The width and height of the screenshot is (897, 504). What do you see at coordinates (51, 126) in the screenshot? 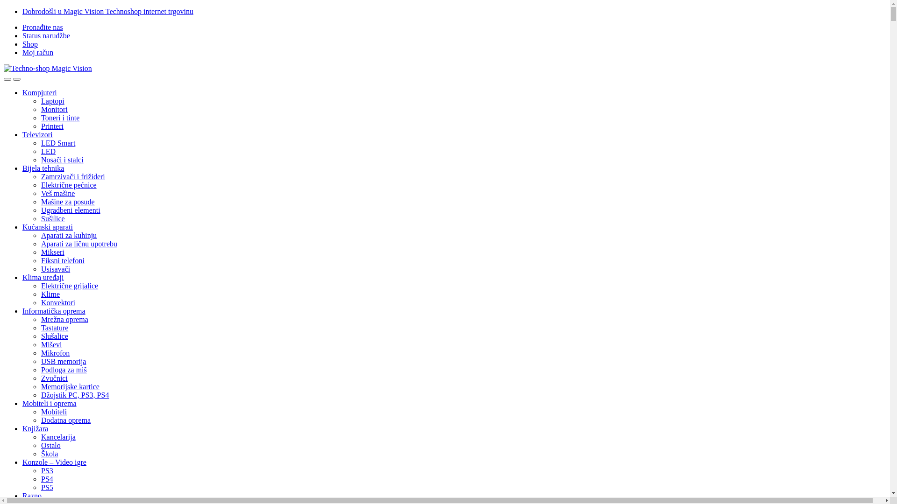
I see `'Printeri'` at bounding box center [51, 126].